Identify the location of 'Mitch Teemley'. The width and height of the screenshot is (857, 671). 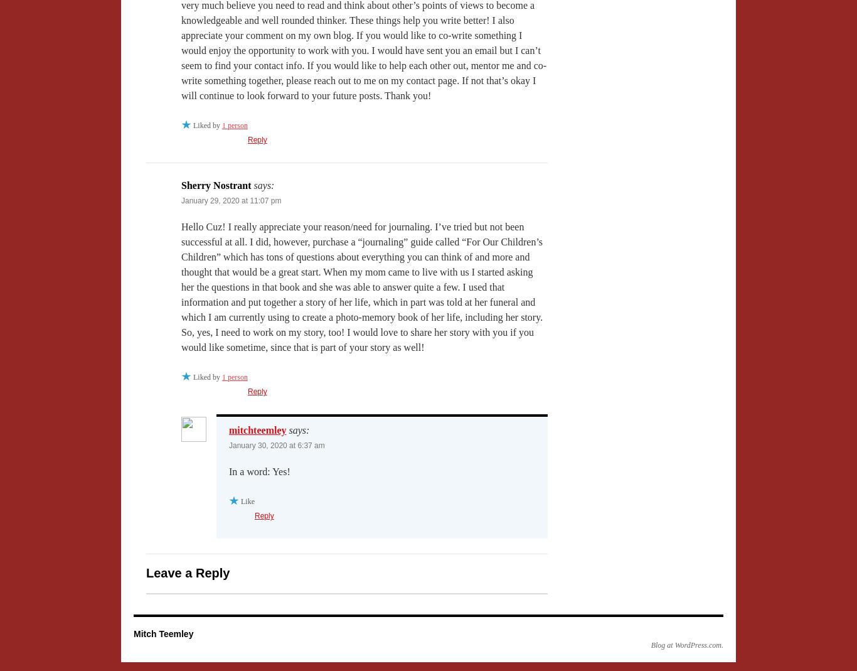
(132, 633).